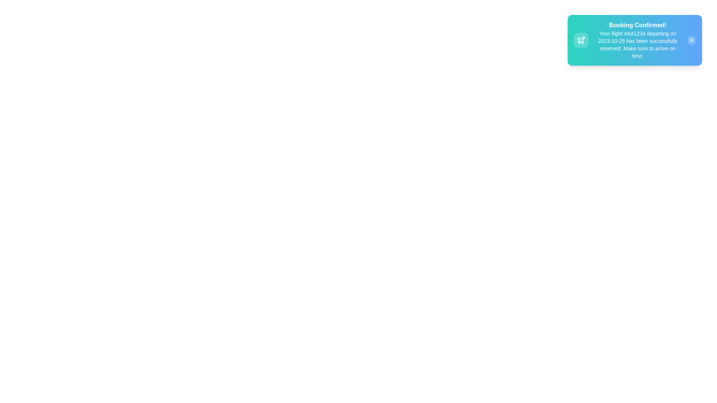  What do you see at coordinates (581, 40) in the screenshot?
I see `the decorative plane icon located on the left side of the notification bubble in the top-right corner of the interface` at bounding box center [581, 40].